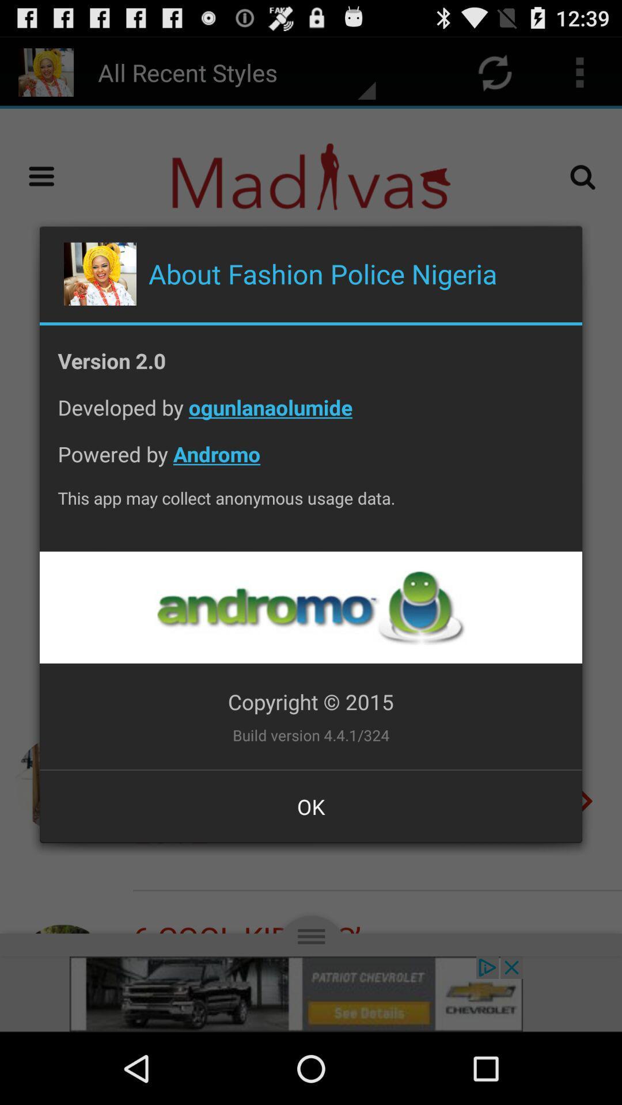  Describe the element at coordinates (311, 463) in the screenshot. I see `item below developed by ogunlanaolumide app` at that location.